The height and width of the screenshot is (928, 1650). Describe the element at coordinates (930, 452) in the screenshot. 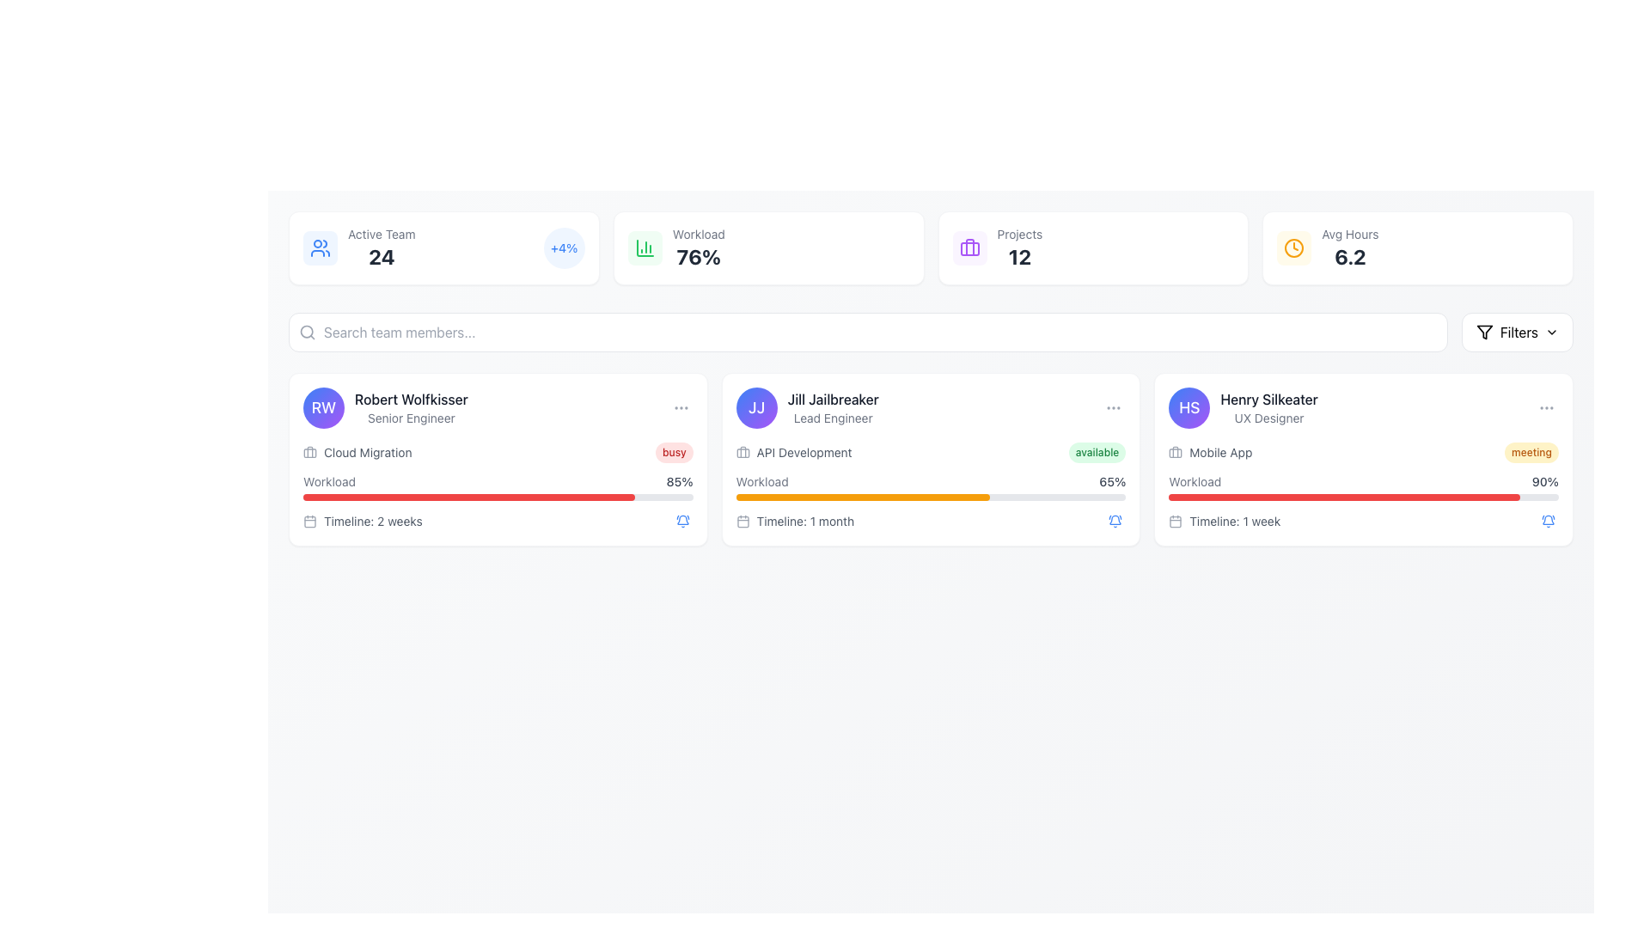

I see `the Informational section that displays the current project 'API Development' and its status 'available', located within Jill Jailbreaker's card, to interact with adjacent elements` at that location.